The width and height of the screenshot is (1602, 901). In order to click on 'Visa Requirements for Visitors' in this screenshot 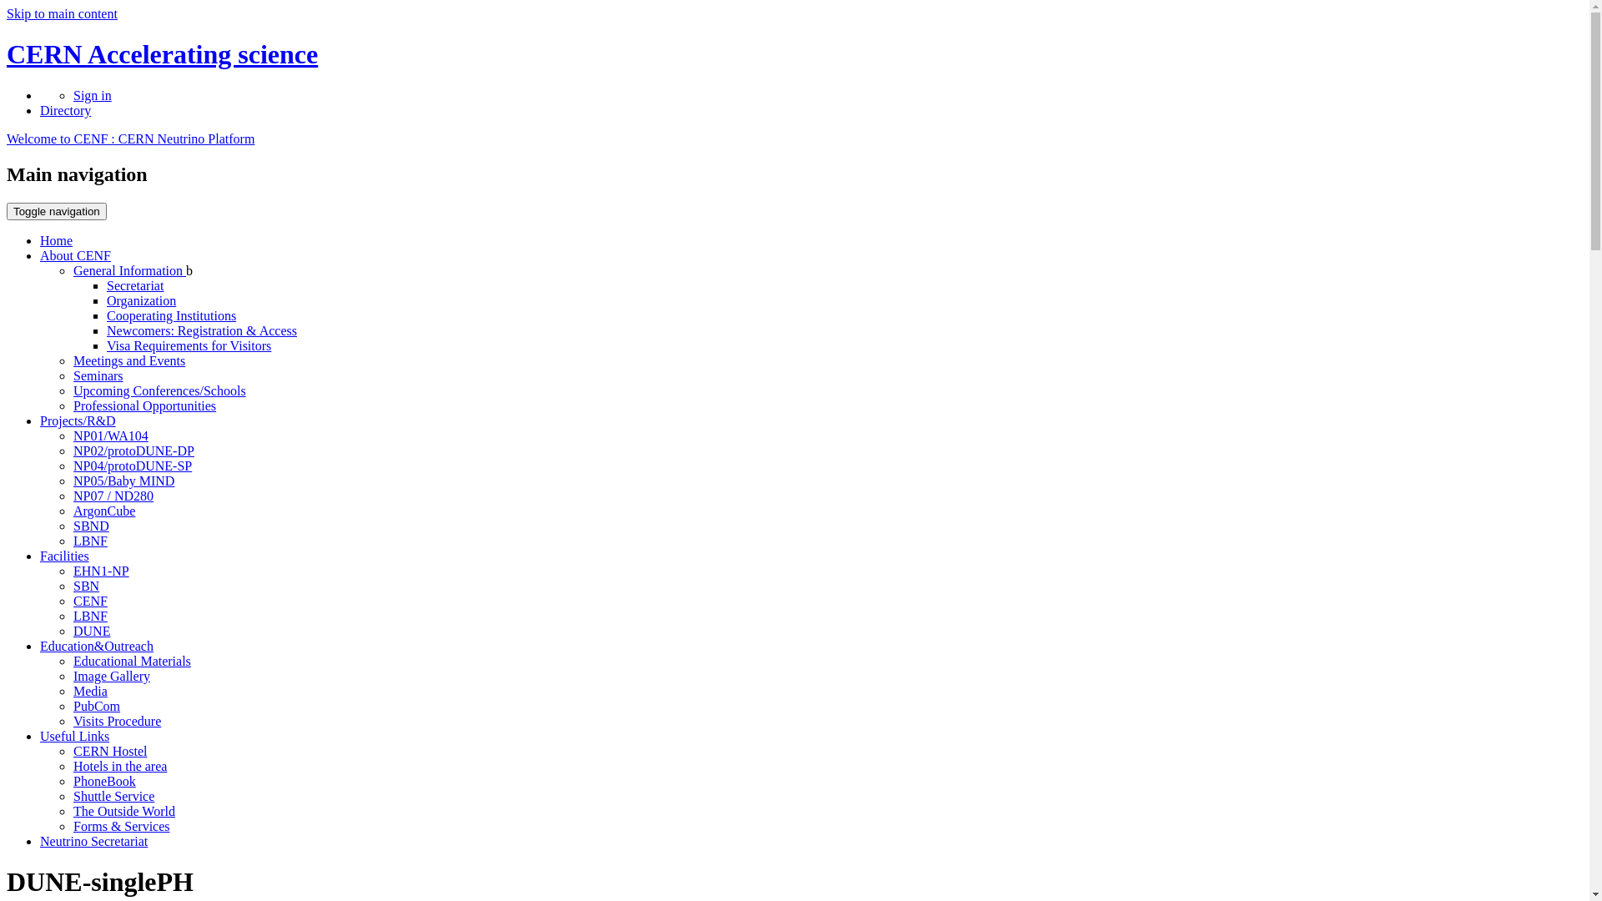, I will do `click(189, 345)`.